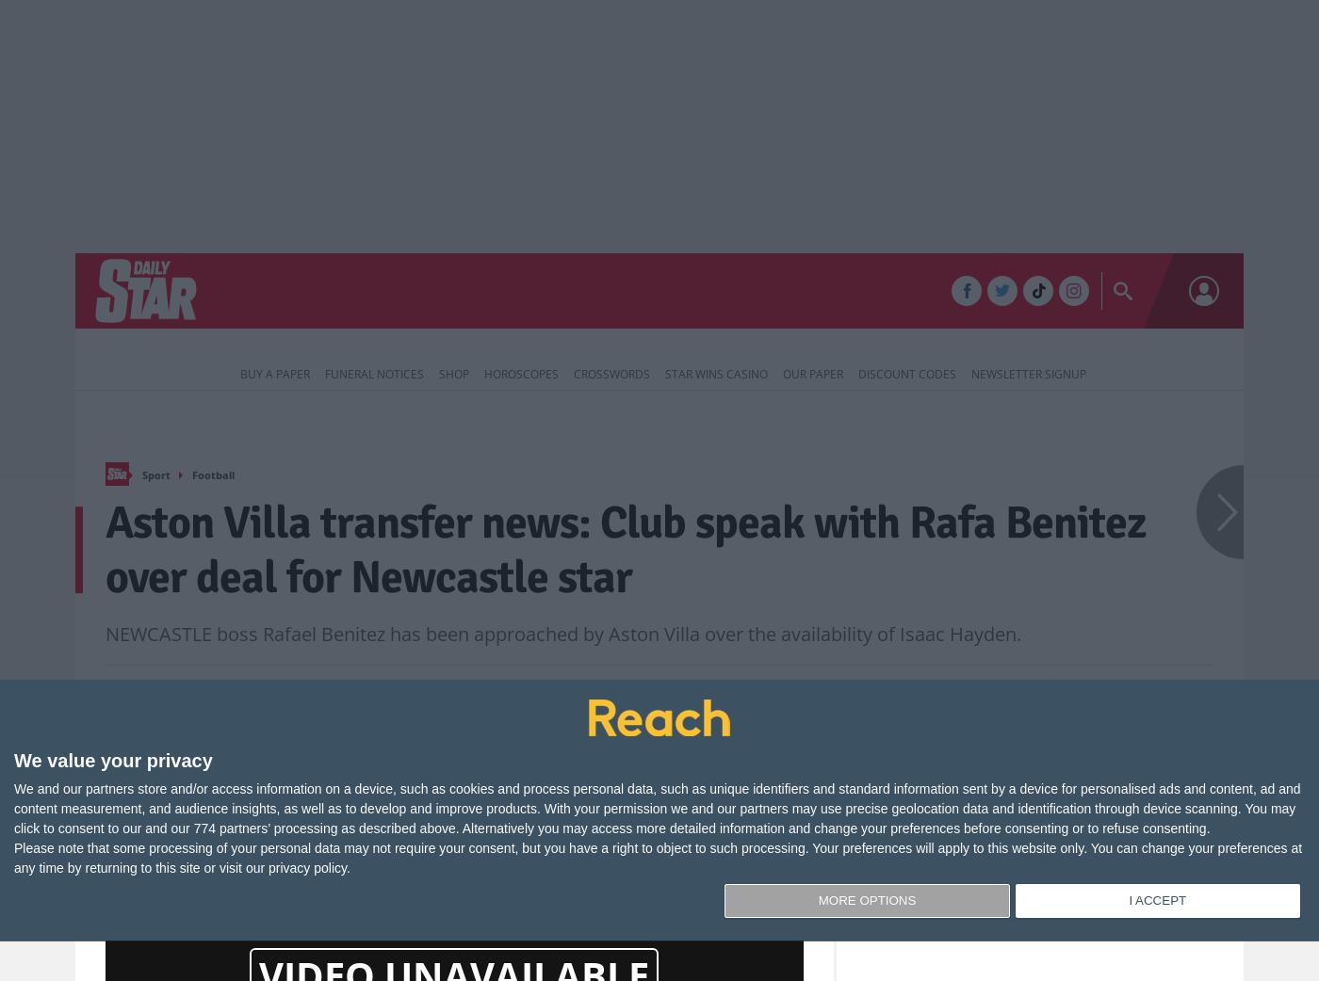 This screenshot has width=1319, height=981. I want to click on 'TV', so click(651, 293).